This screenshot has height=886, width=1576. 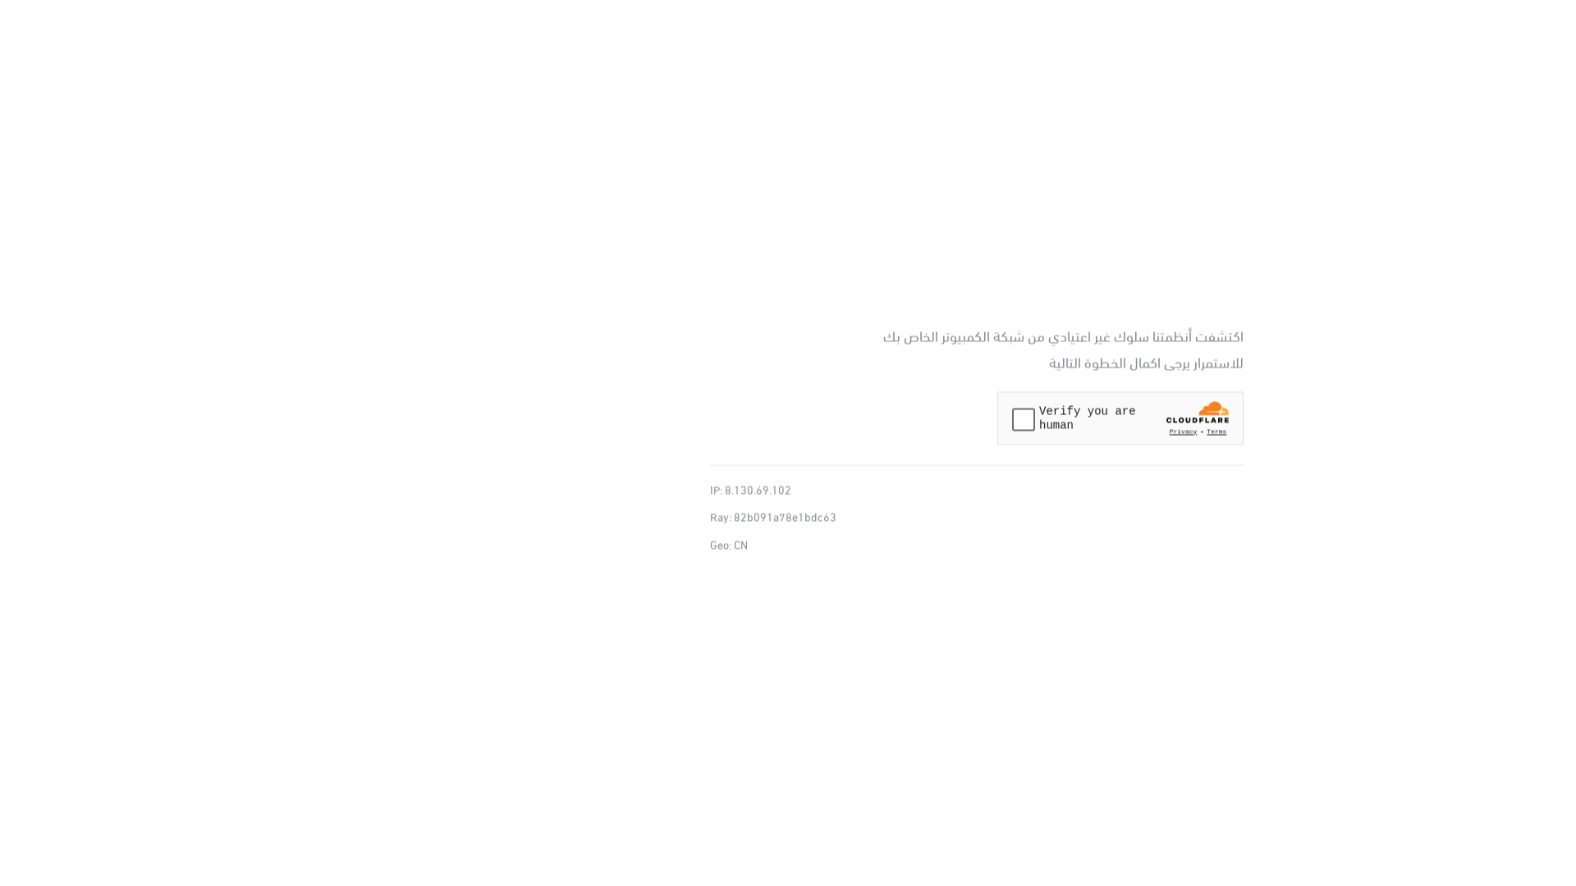 What do you see at coordinates (1119, 417) in the screenshot?
I see `'Widget containing a Cloudflare security challenge'` at bounding box center [1119, 417].